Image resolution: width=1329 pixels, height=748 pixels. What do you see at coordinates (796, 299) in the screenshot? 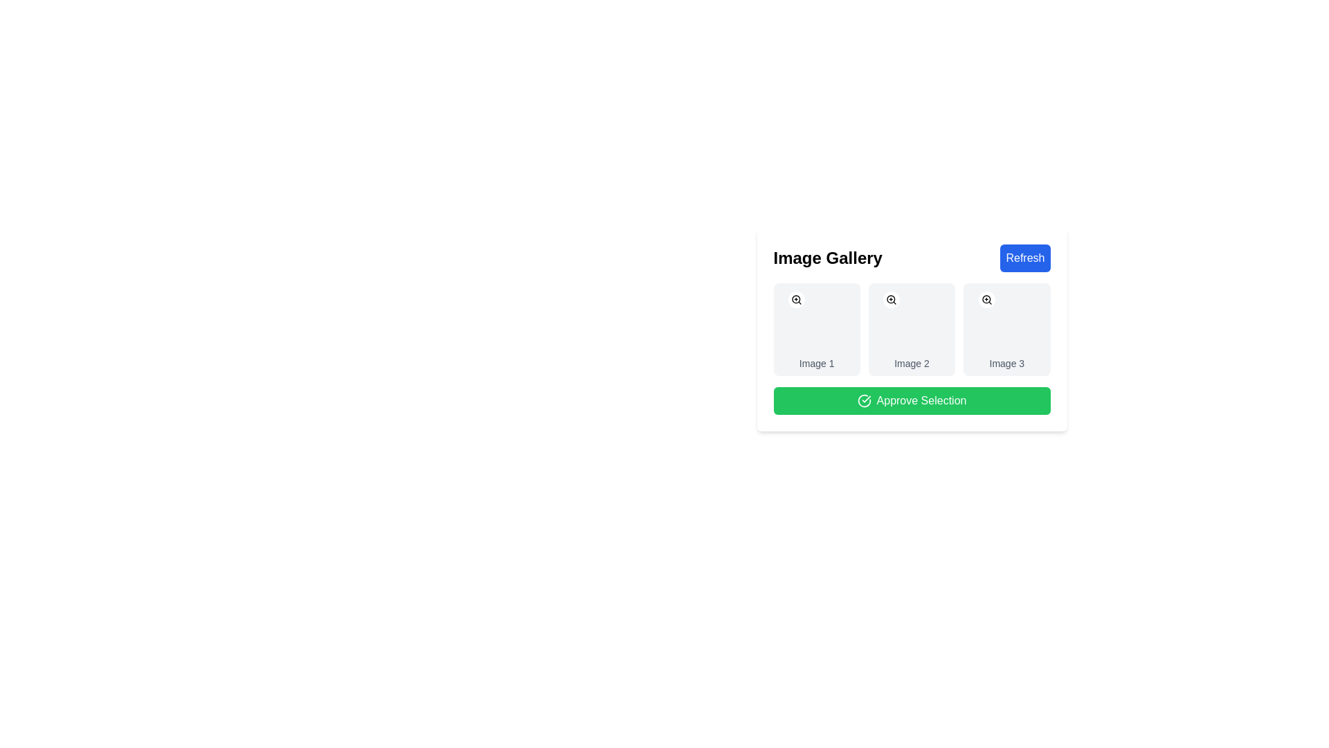
I see `the circular SVG element of the magnifying glass icon located near the top right of 'Image 1' in the 'Image Gallery' section` at bounding box center [796, 299].